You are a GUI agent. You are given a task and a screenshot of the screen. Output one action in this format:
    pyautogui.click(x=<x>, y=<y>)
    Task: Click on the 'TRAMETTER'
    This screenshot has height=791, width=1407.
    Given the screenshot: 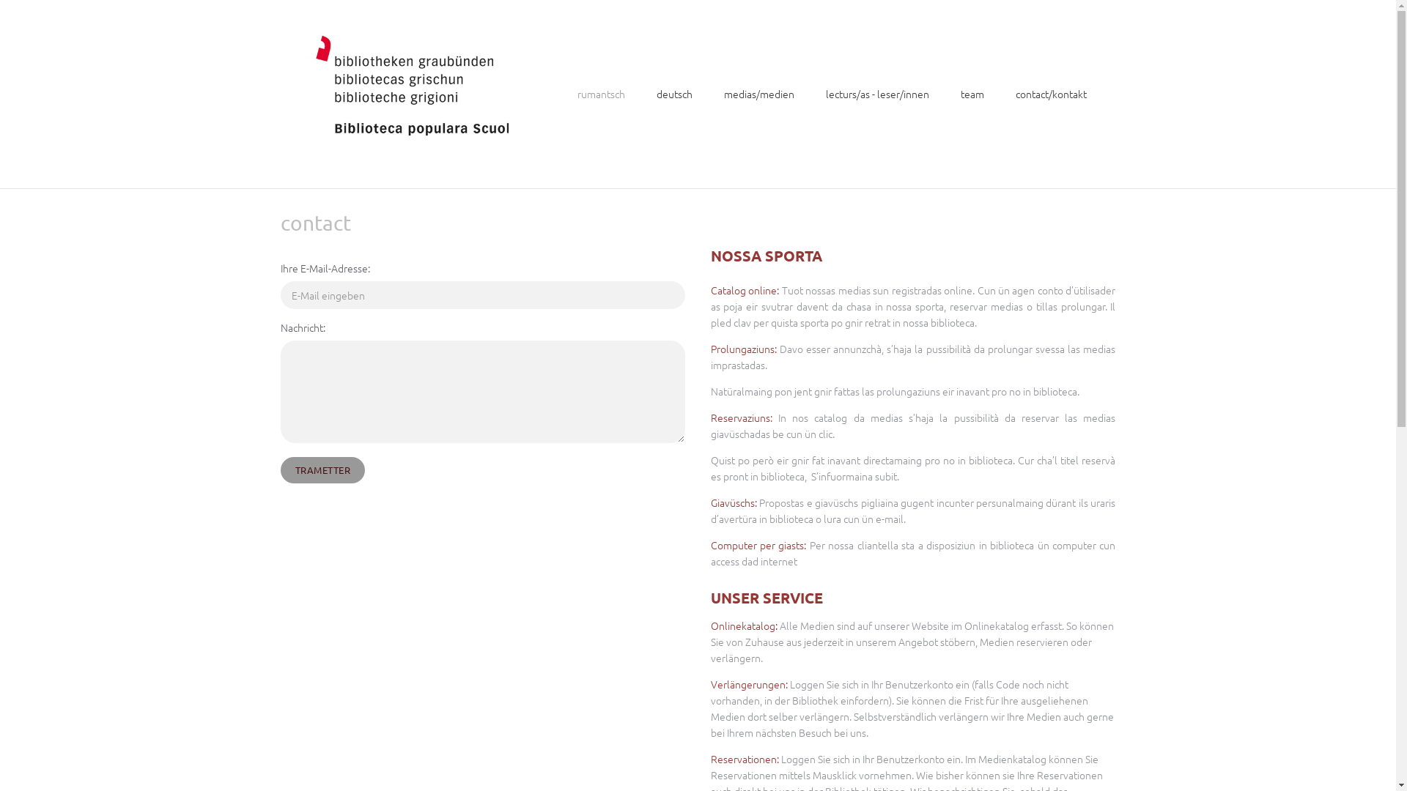 What is the action you would take?
    pyautogui.click(x=325, y=471)
    